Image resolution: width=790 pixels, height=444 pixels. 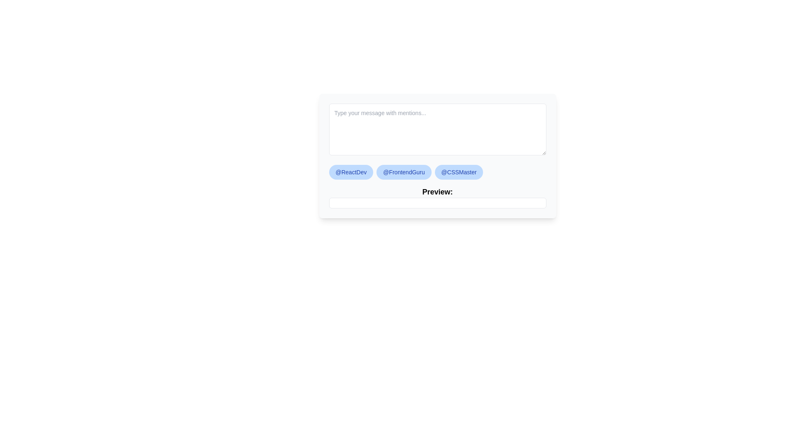 What do you see at coordinates (351, 172) in the screenshot?
I see `the button with the text '@ReactDev' which has a light blue background and rounded corners` at bounding box center [351, 172].